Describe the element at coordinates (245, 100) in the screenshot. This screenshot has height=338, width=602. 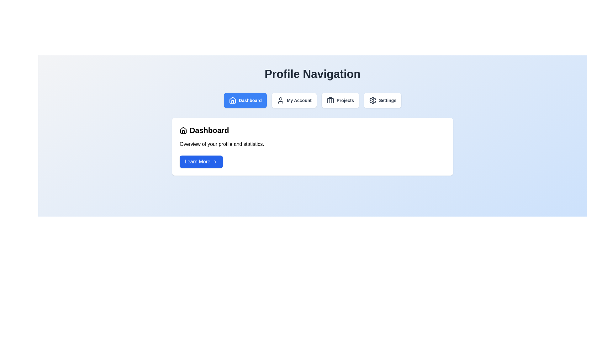
I see `the Navigation button labeled 'Dashboard' with a blue background and white text` at that location.